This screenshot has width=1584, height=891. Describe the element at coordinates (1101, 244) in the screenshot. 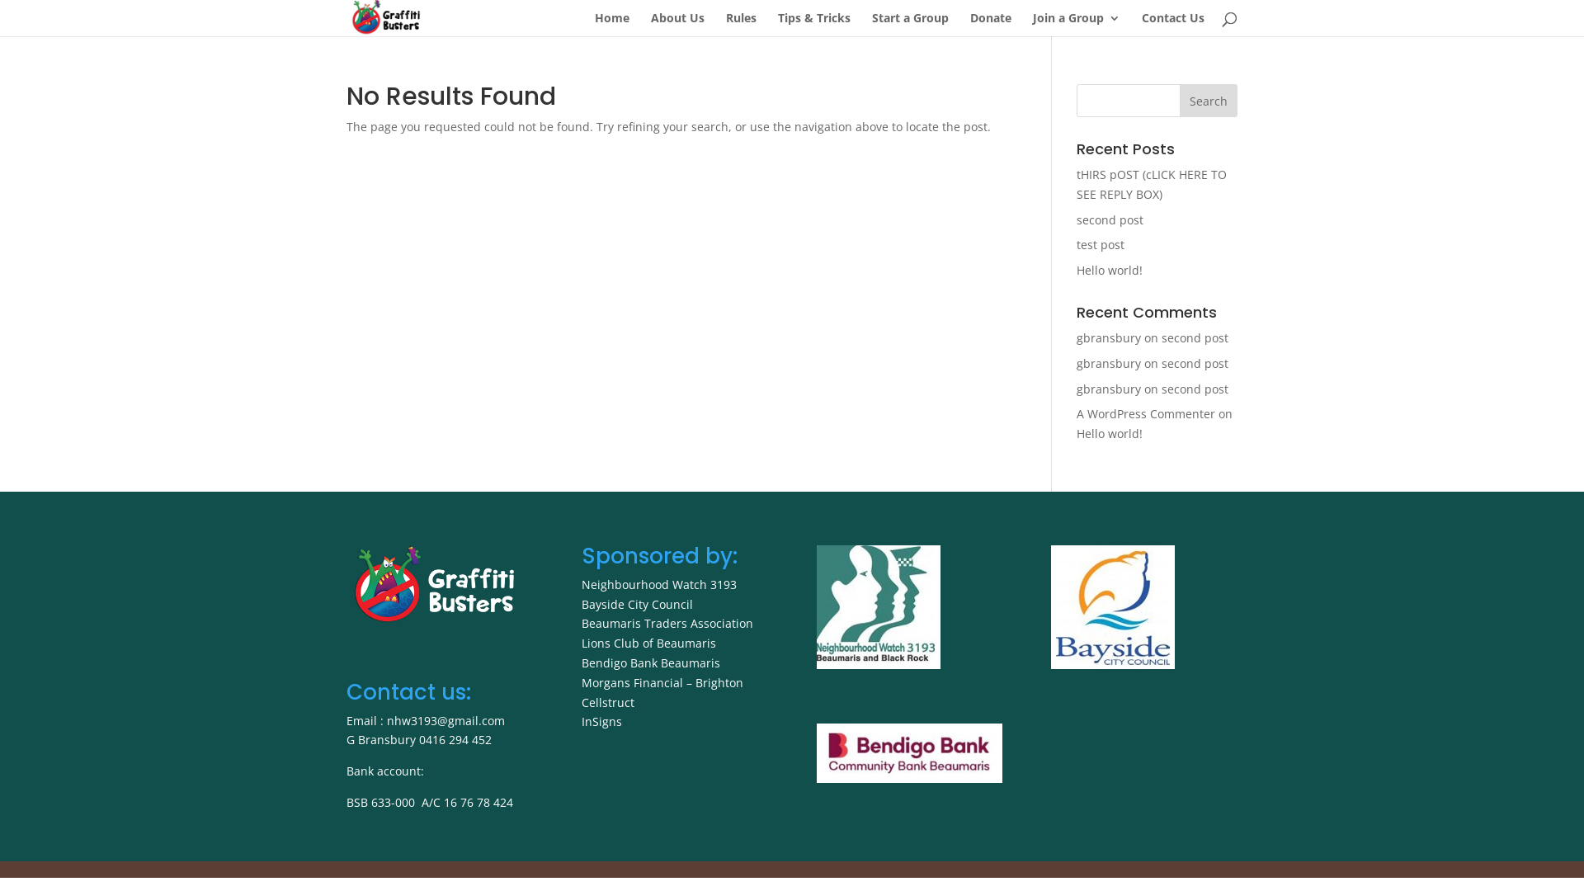

I see `'test post'` at that location.